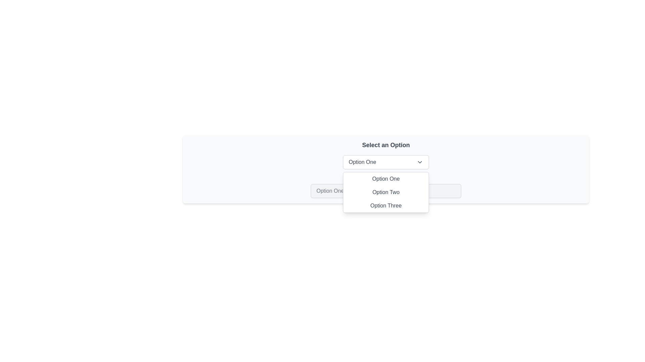 The height and width of the screenshot is (362, 645). Describe the element at coordinates (386, 192) in the screenshot. I see `the dropdown menu option labeled 'Option Two'` at that location.